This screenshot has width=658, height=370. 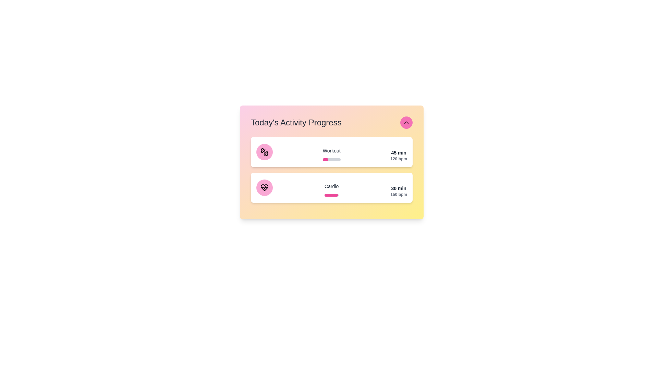 What do you see at coordinates (406, 122) in the screenshot?
I see `the button located in the top-right corner of the 'Today's Activity Progress' section` at bounding box center [406, 122].